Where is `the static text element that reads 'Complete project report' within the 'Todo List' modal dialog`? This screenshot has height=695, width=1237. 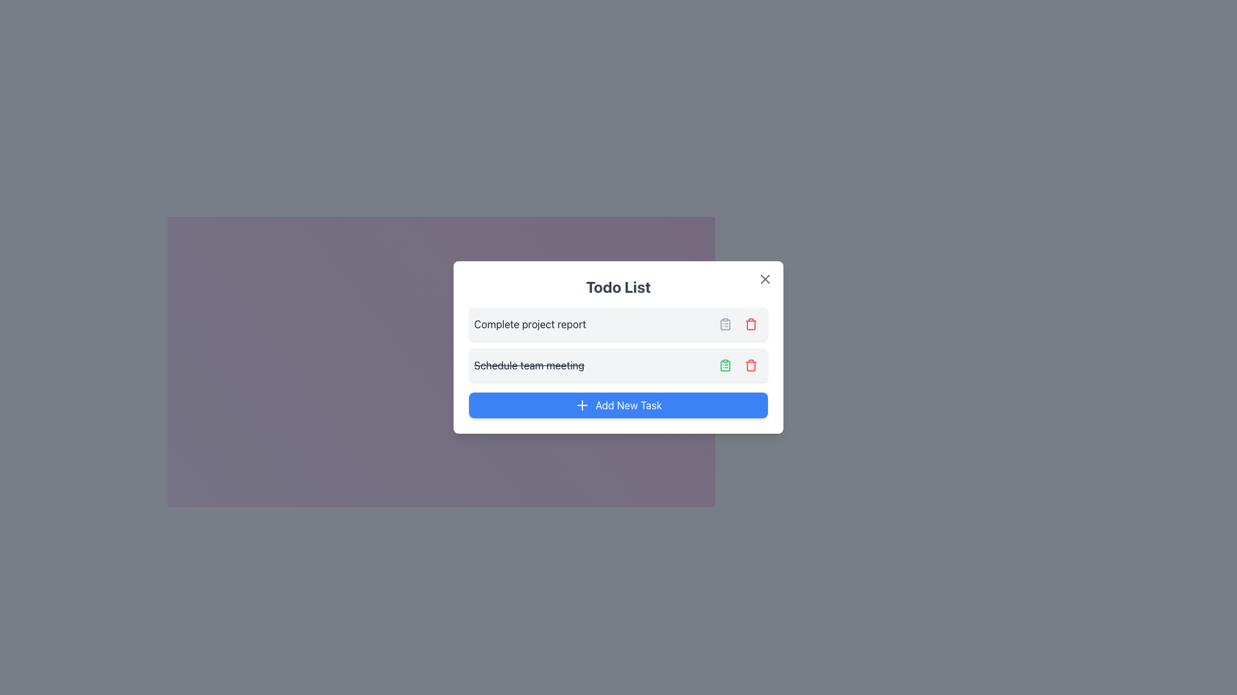
the static text element that reads 'Complete project report' within the 'Todo List' modal dialog is located at coordinates (530, 324).